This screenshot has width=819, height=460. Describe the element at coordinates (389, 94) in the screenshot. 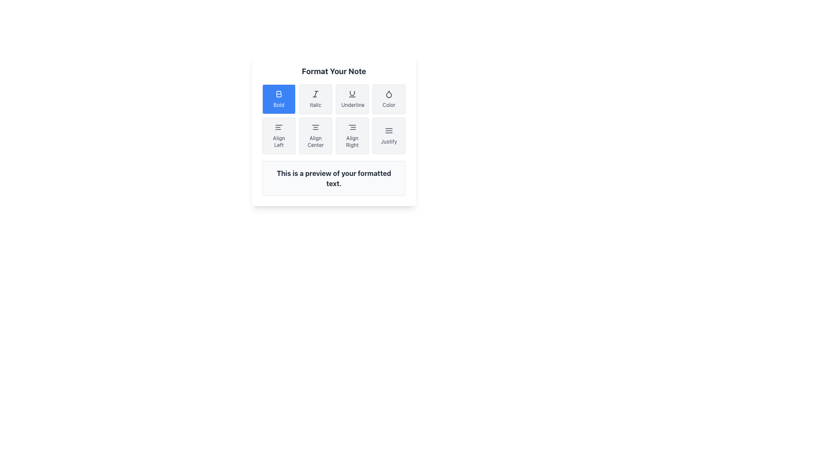

I see `the teardrop-shaped icon outlined in black located in the upper-right section of the interactive area, which is part of a grid of formatting buttons` at that location.